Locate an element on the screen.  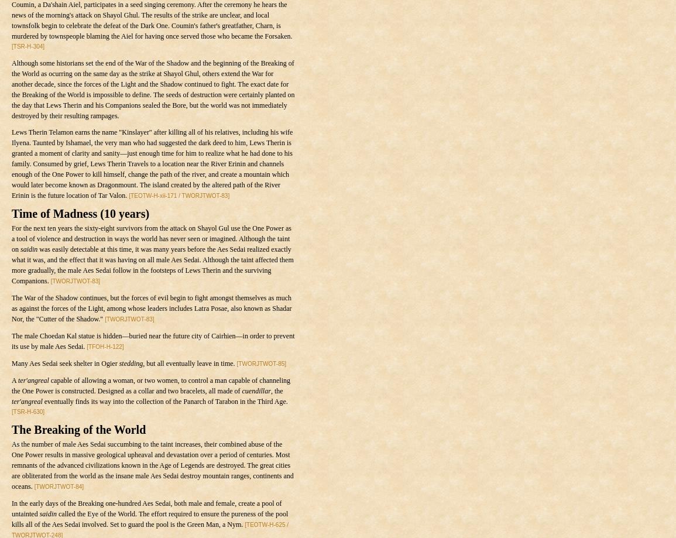
'[TSR-H-630]' is located at coordinates (28, 411).